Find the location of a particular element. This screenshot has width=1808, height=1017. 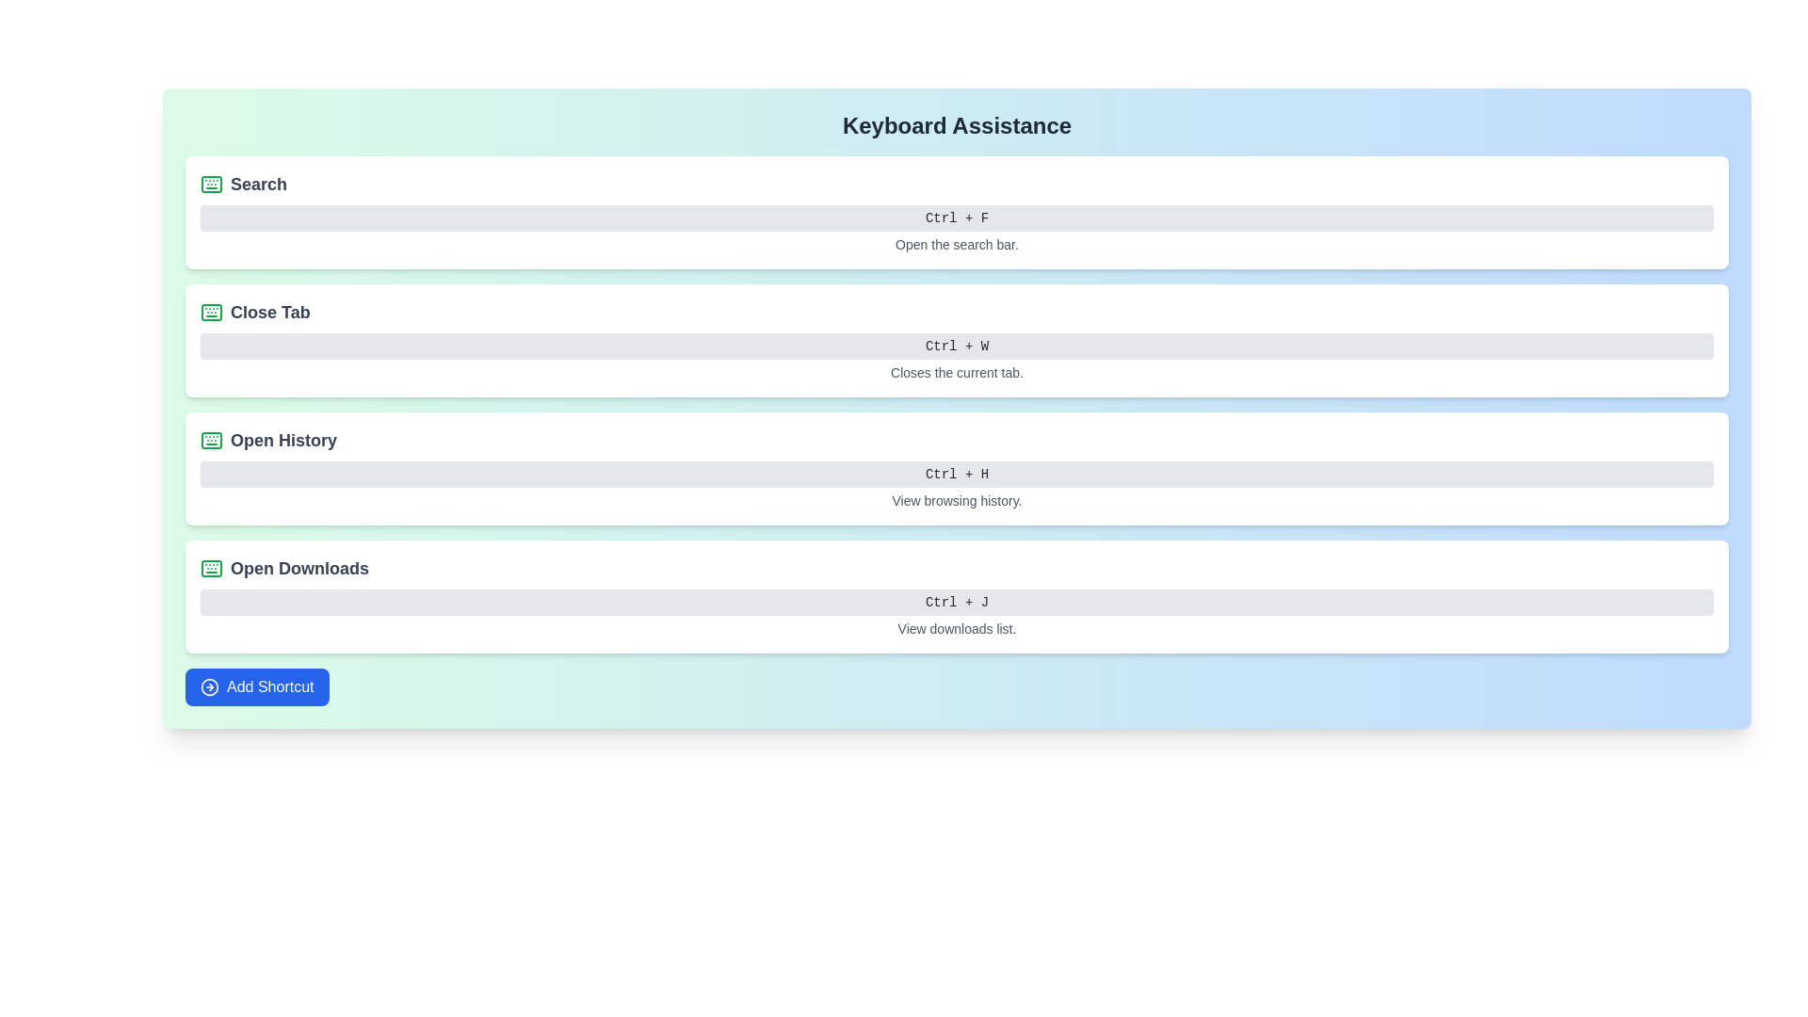

the static text that provides information about the 'Ctrl + J' shortcut for viewing the downloads list, located at the bottom of the 'Open Downloads' section is located at coordinates (957, 628).